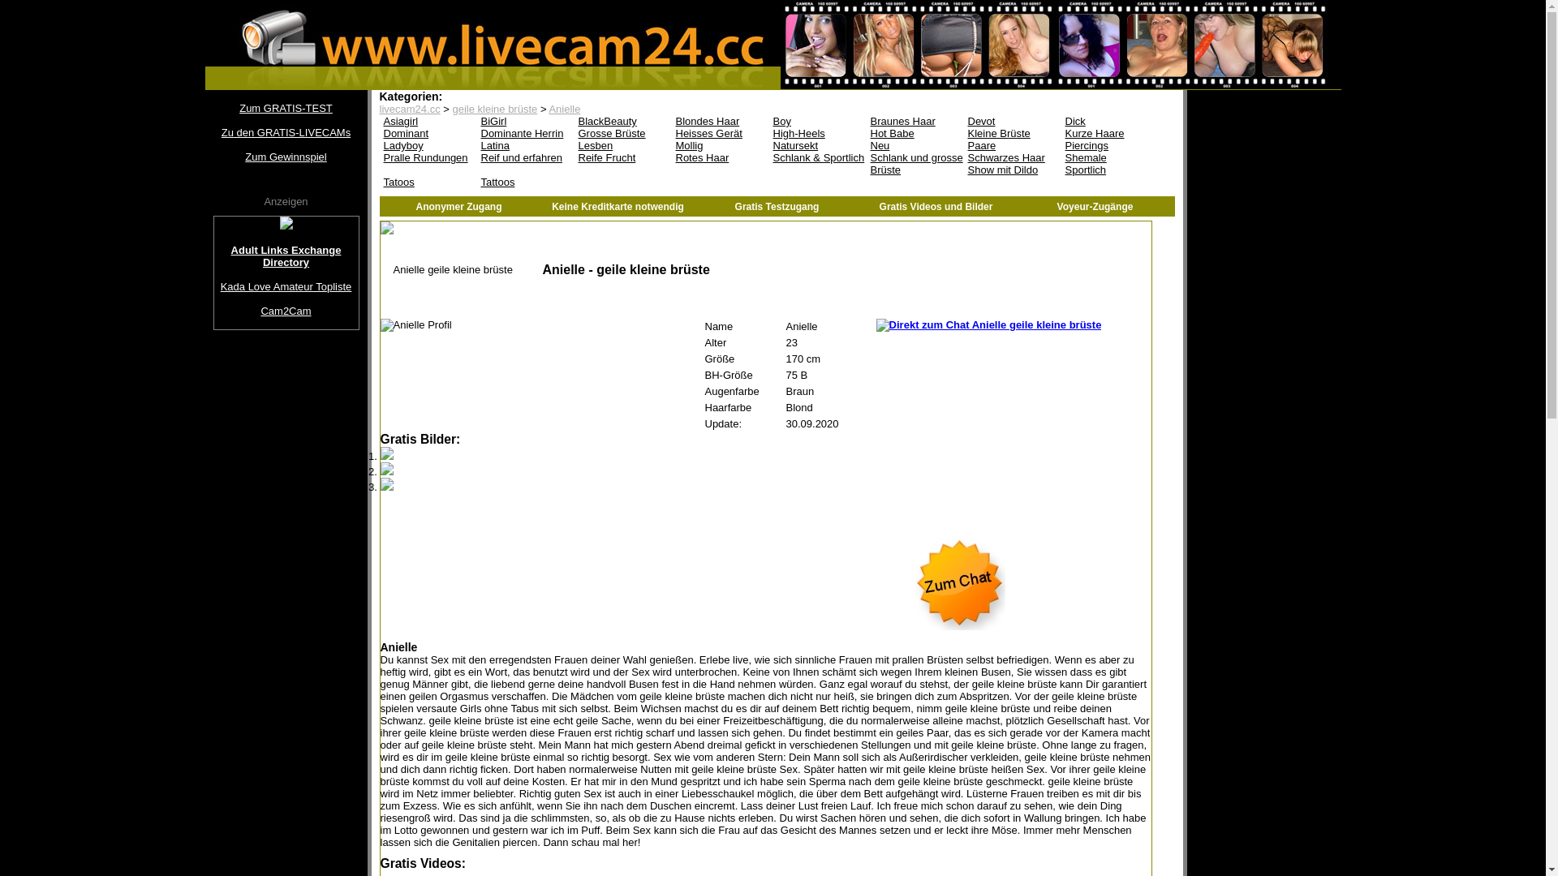 The width and height of the screenshot is (1558, 876). What do you see at coordinates (672, 157) in the screenshot?
I see `'Rotes Haar'` at bounding box center [672, 157].